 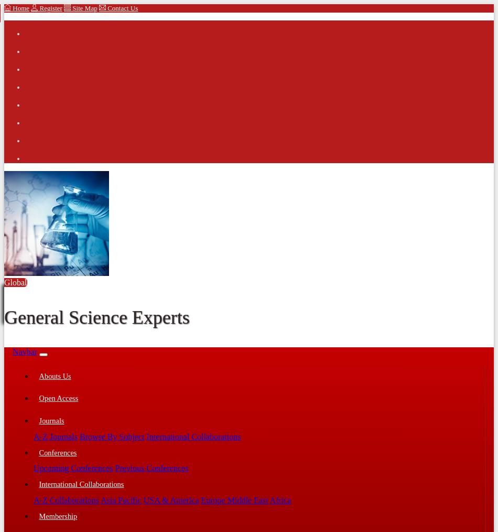 I want to click on 'Upcoming Conferences', so click(x=73, y=467).